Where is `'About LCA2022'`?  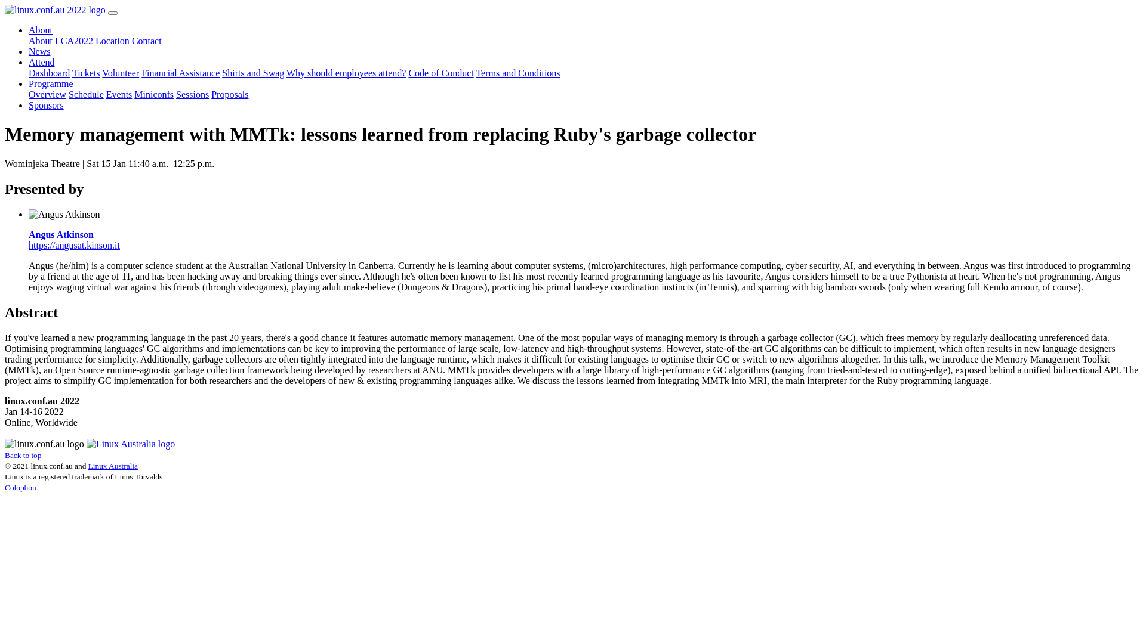
'About LCA2022' is located at coordinates (60, 40).